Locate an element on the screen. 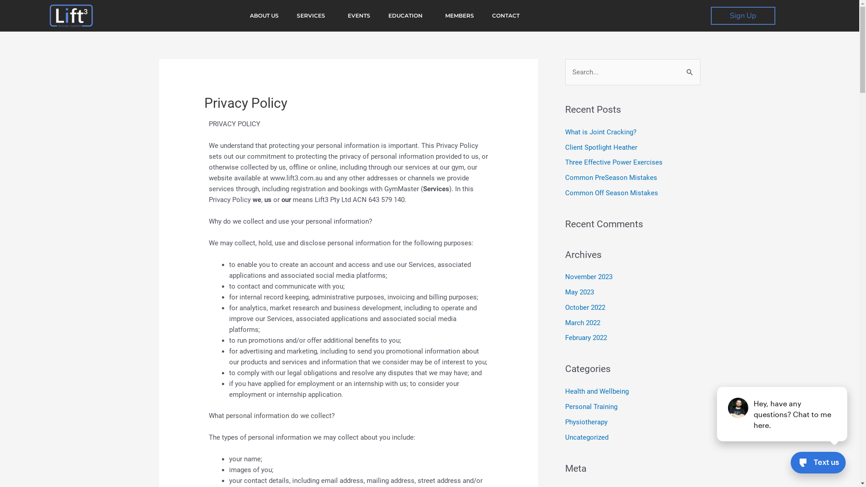 The width and height of the screenshot is (866, 487). 'Common PreSeason Mistakes' is located at coordinates (610, 177).